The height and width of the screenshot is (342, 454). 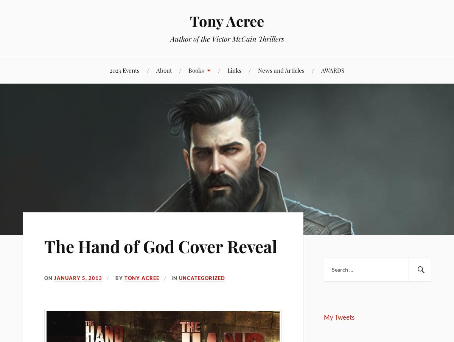 I want to click on 'January 5, 2013', so click(x=77, y=277).